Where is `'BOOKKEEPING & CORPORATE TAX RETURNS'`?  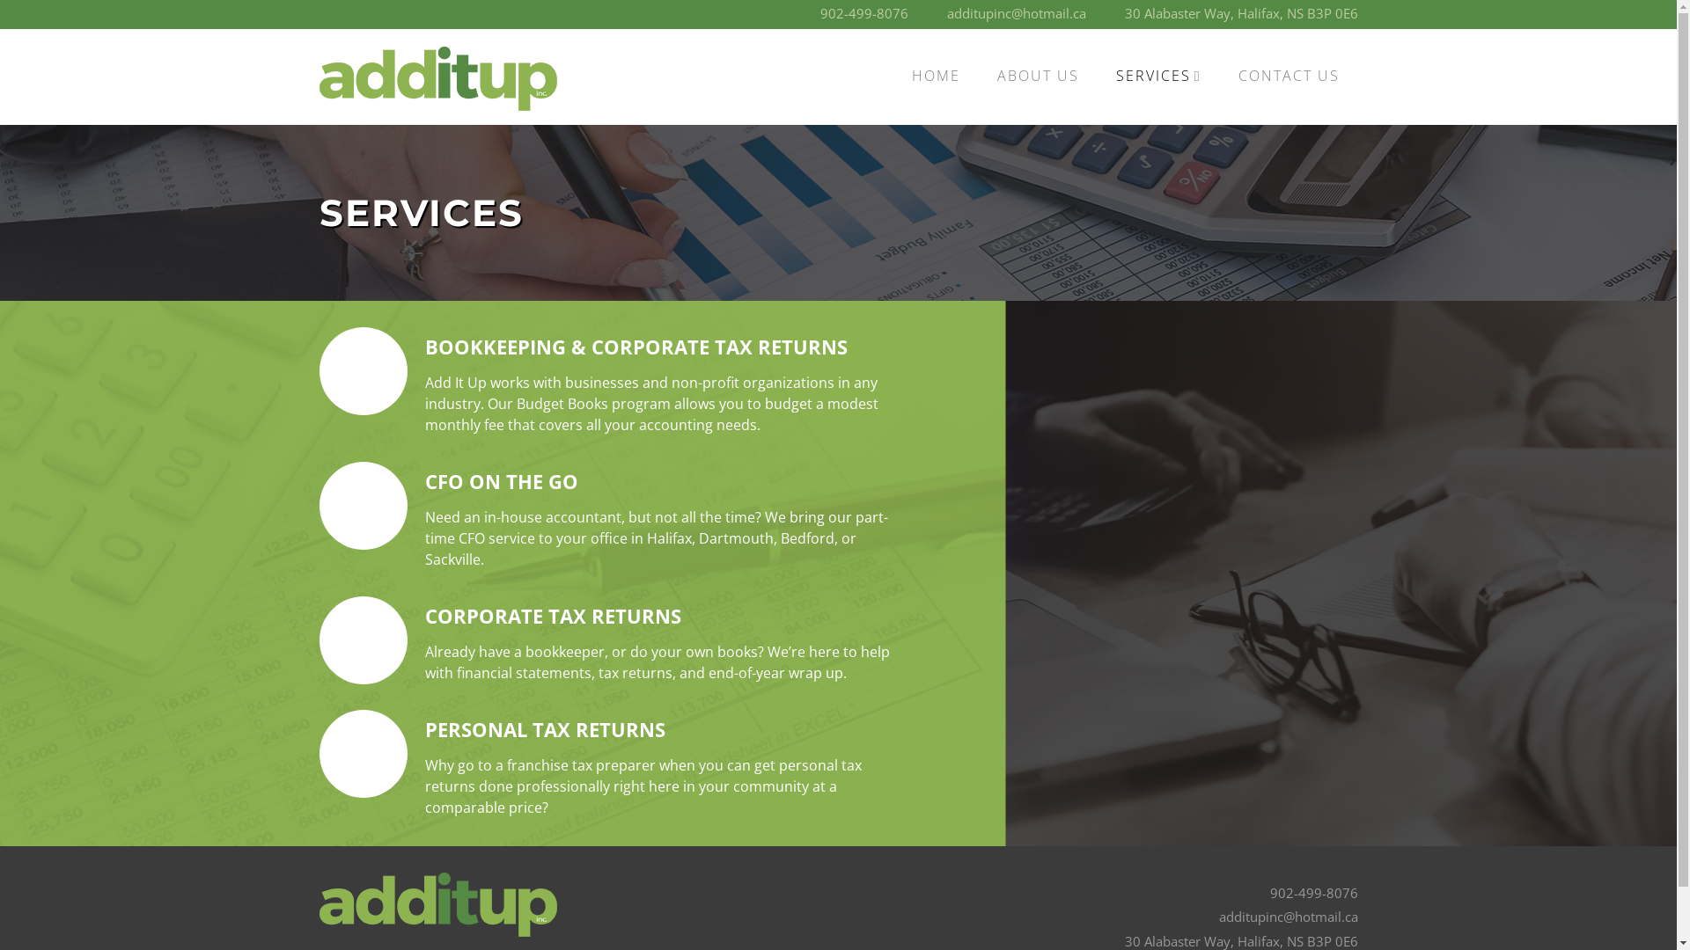 'BOOKKEEPING & CORPORATE TAX RETURNS' is located at coordinates (634, 346).